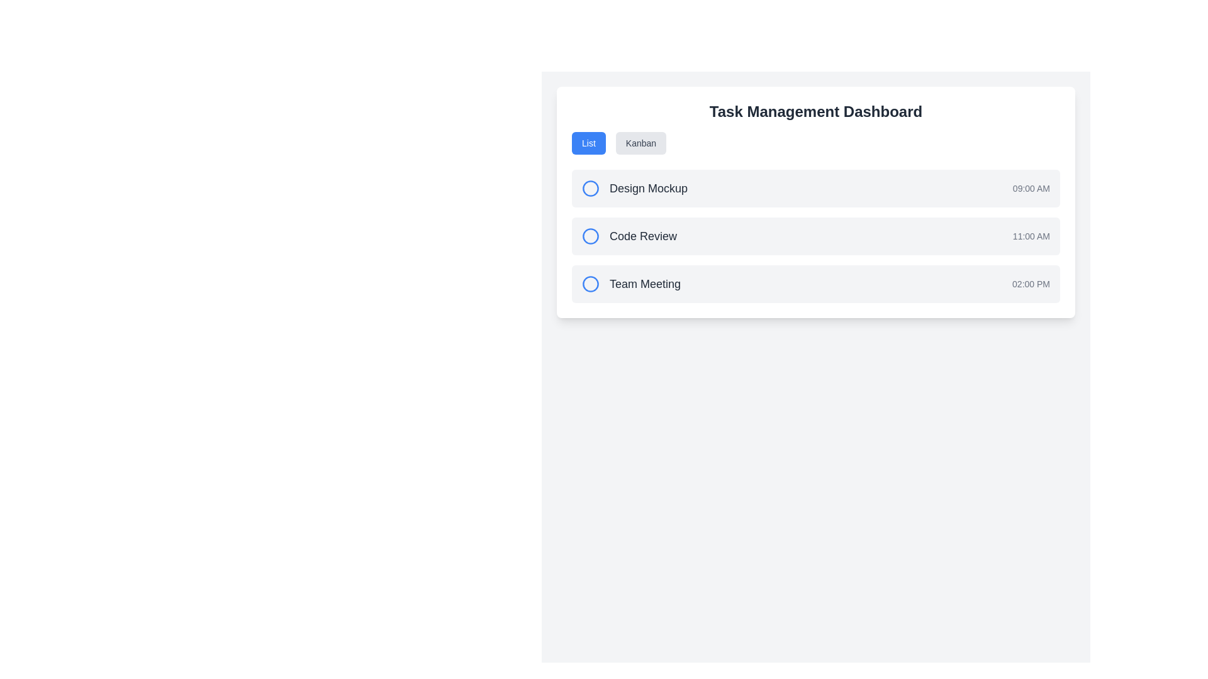 The image size is (1208, 679). Describe the element at coordinates (815, 236) in the screenshot. I see `the List Item labeled 'Code Review'` at that location.